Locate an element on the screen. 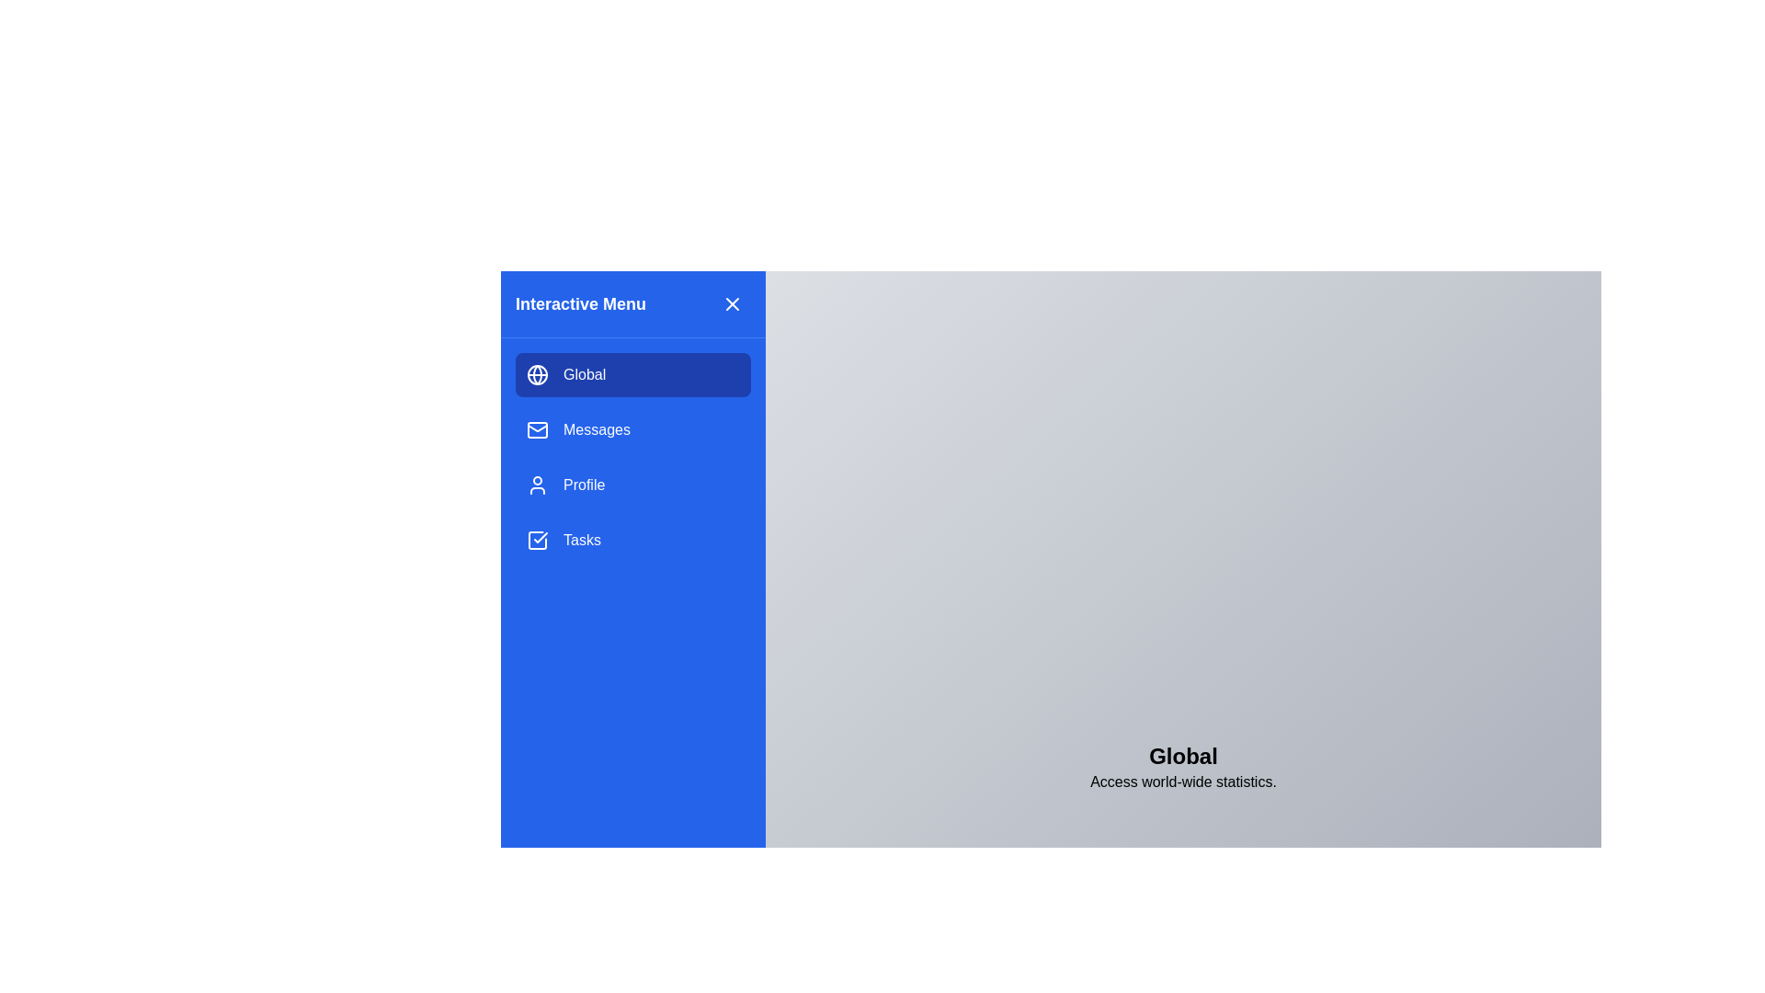  the 'Tasks' icon in the interactive menu, which is represented as a box with rounded corners and is located in the fourth row below the 'Profile' item is located at coordinates (537, 539).